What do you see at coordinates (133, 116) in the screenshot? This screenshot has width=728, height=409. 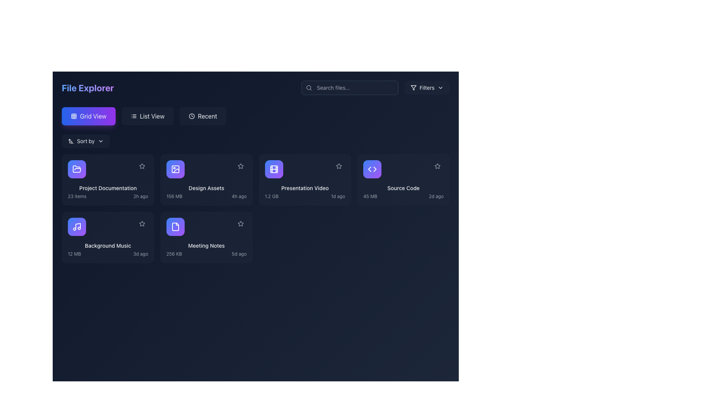 I see `the 'List View' icon located in the 'File Explorer' section, which consists of three horizontal lines with dots on the left` at bounding box center [133, 116].